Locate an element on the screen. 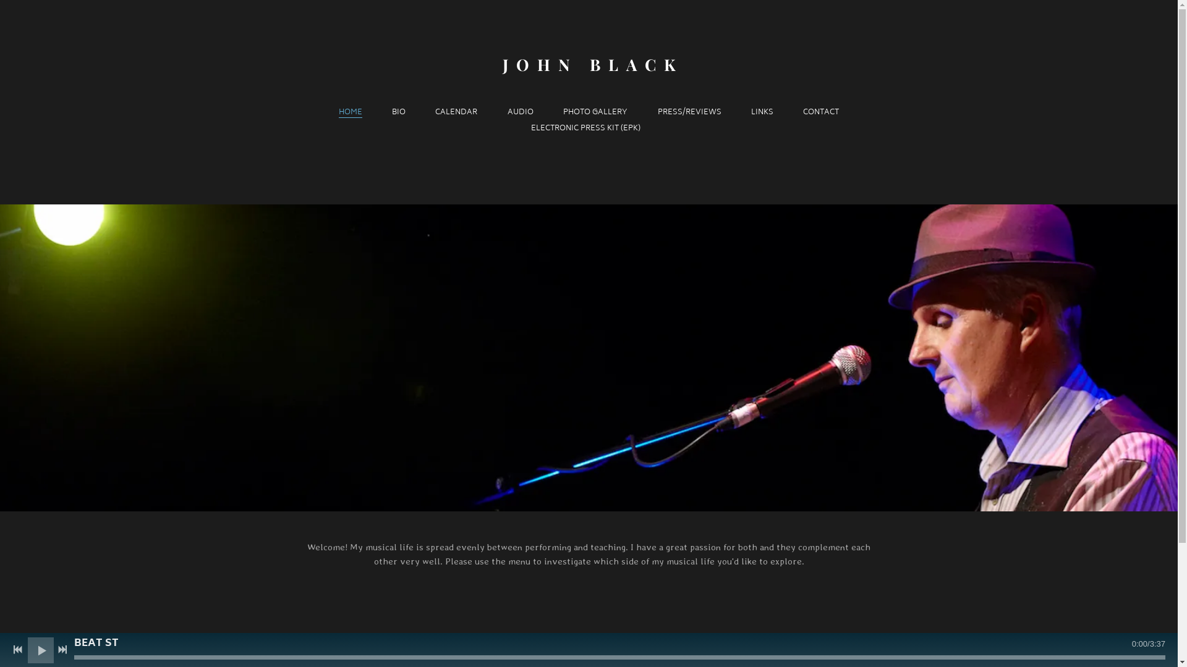 This screenshot has width=1187, height=667. 'Next track' is located at coordinates (61, 649).